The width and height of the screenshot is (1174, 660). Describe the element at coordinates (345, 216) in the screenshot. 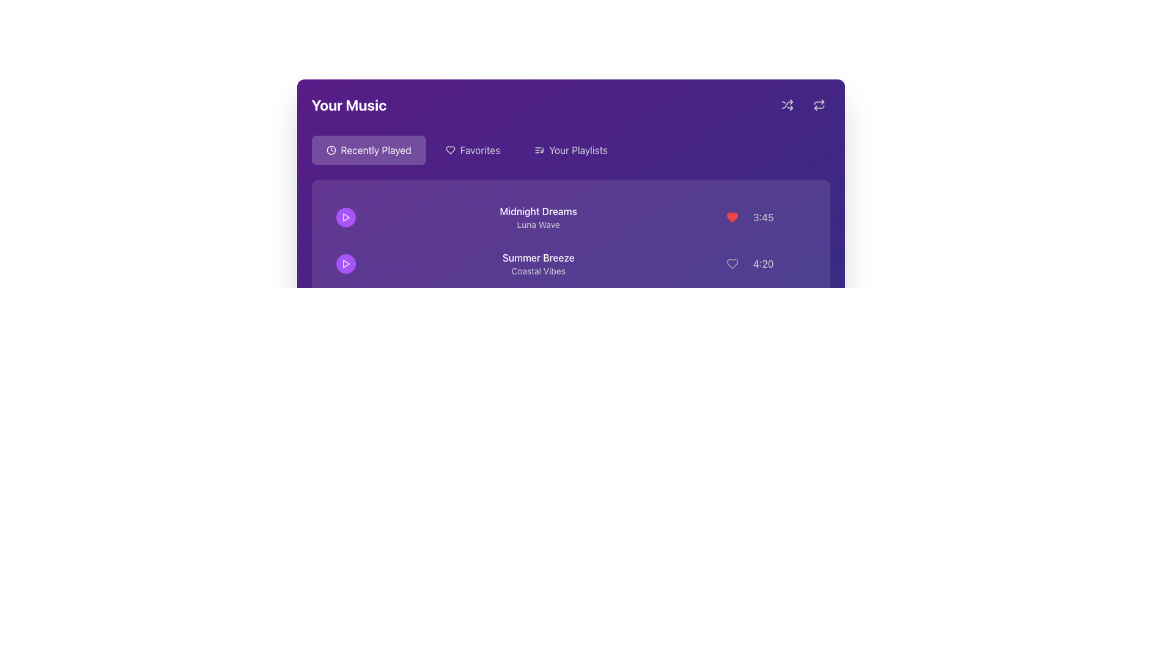

I see `the triangular-shaped purple play icon in the music interface` at that location.